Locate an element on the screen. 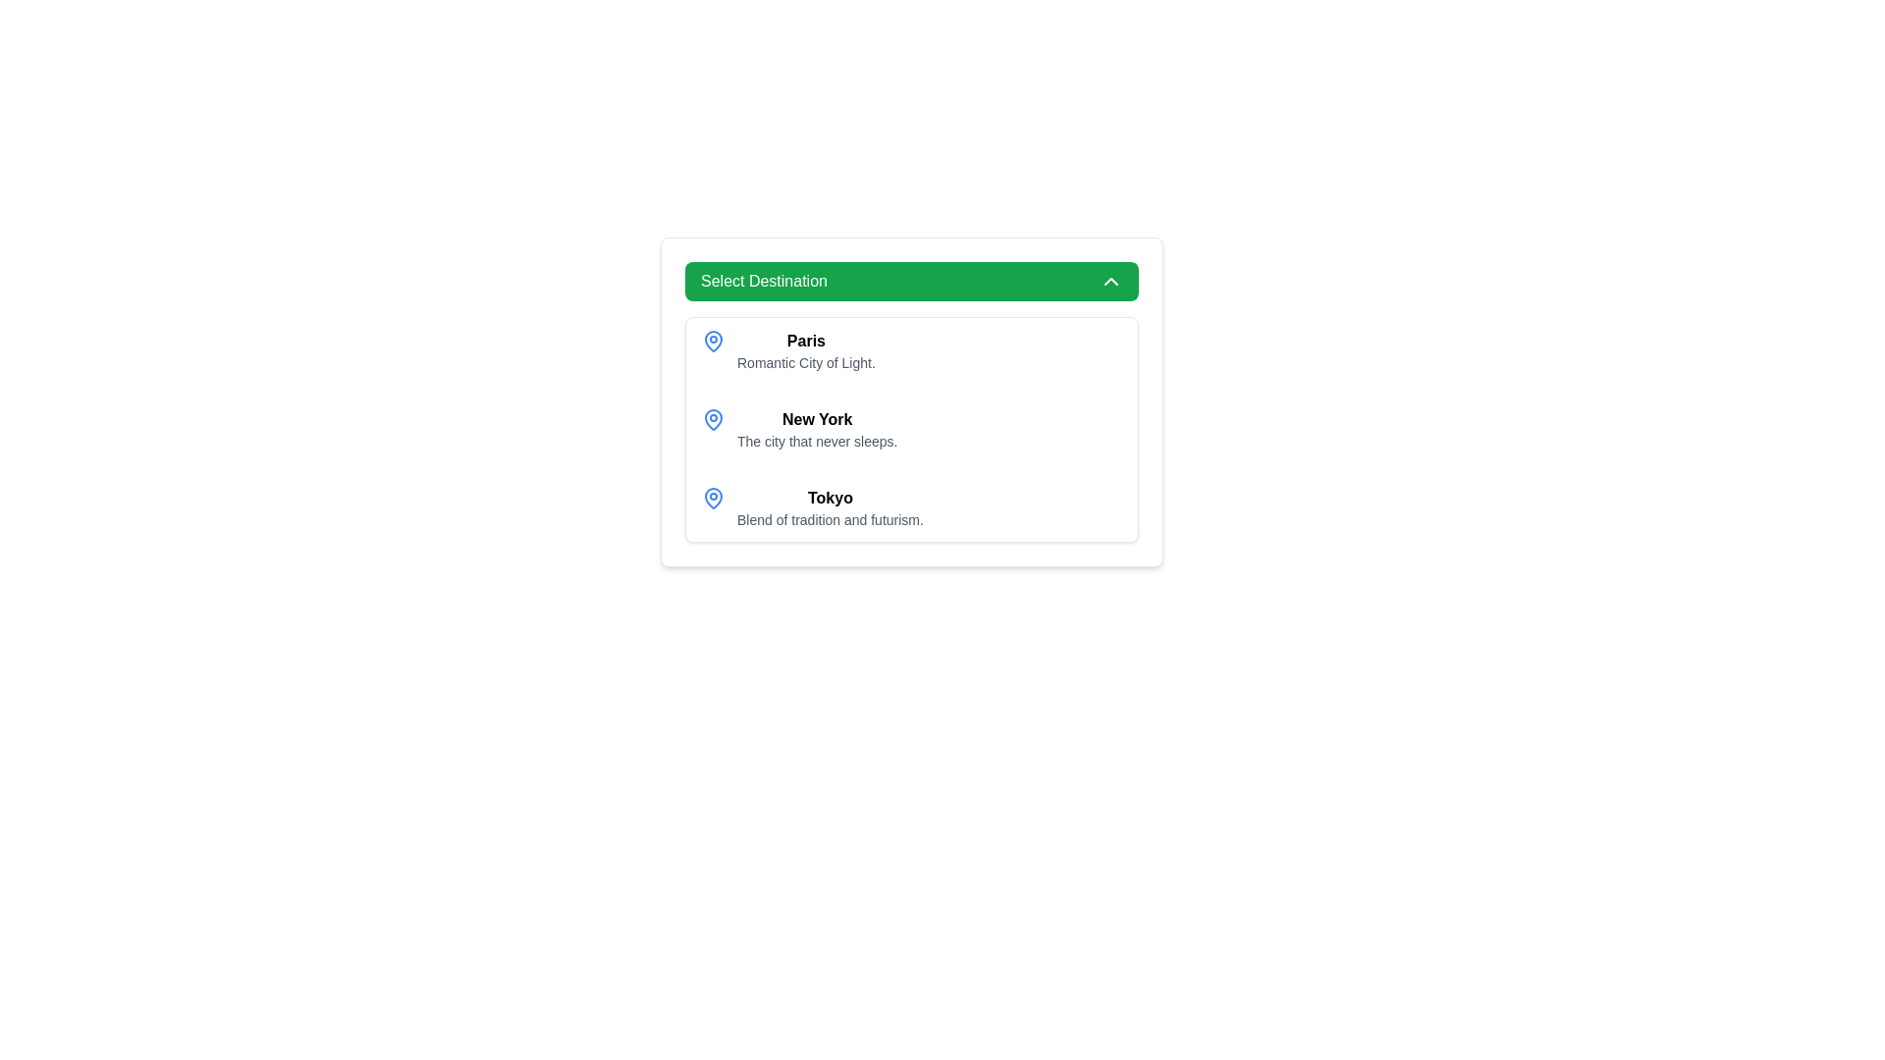 The height and width of the screenshot is (1060, 1885). the 'Select Destination' text label, which is styled in white text on a green background and is part of a dropdown menu, located at the top-left corner next to an upward-chevron icon is located at coordinates (763, 281).